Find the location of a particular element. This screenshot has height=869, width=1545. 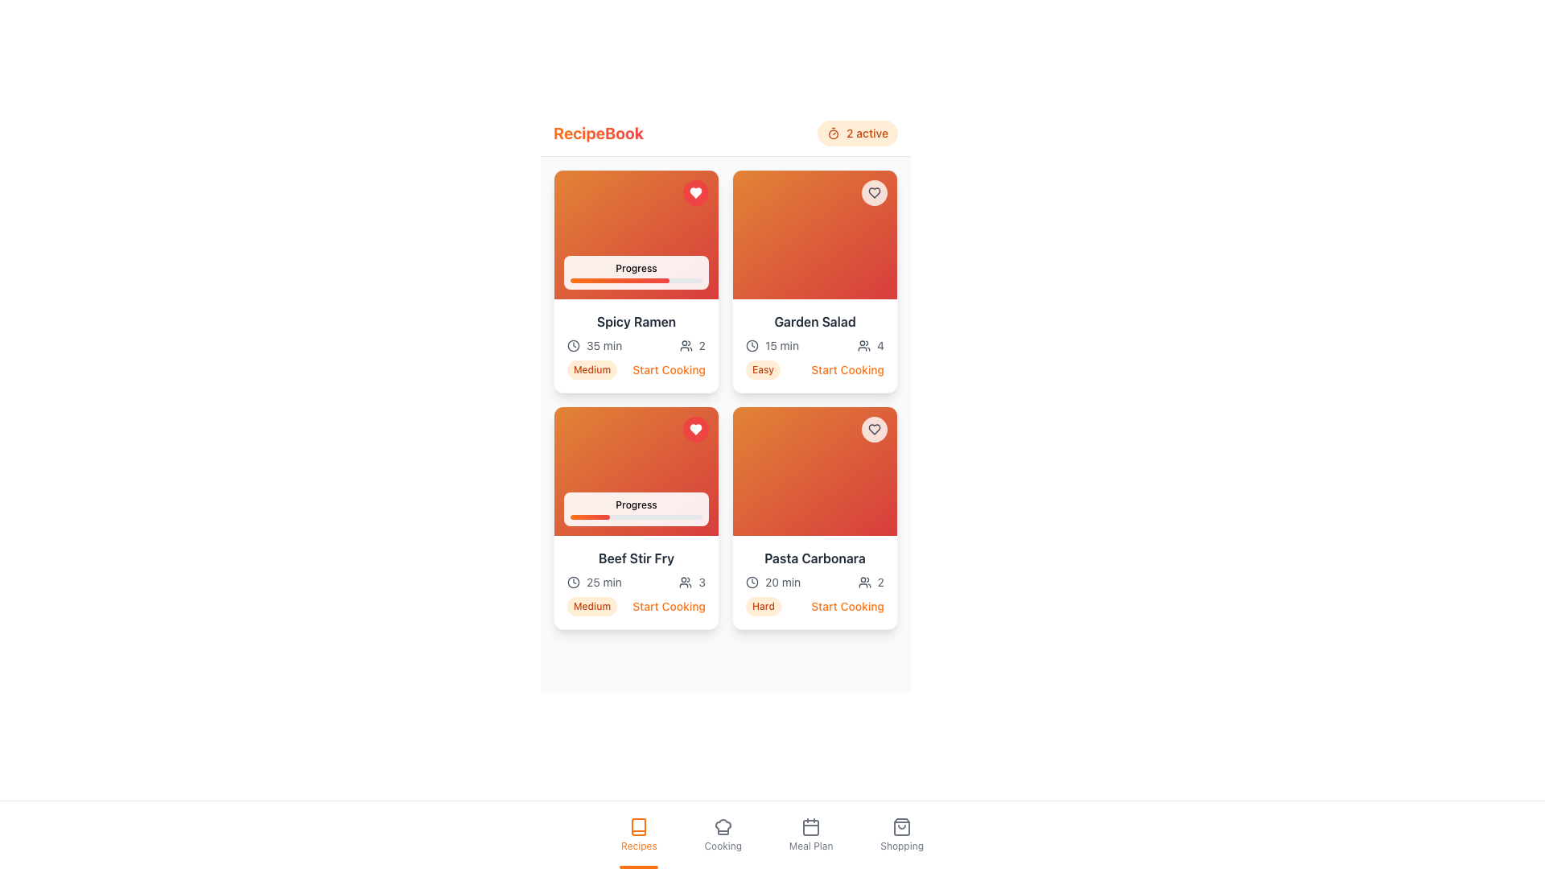

the progress bar fill indicating partial completion status for the 'Beef Stir Fry' card located in the second row and first column of the grid layout is located at coordinates (589, 517).